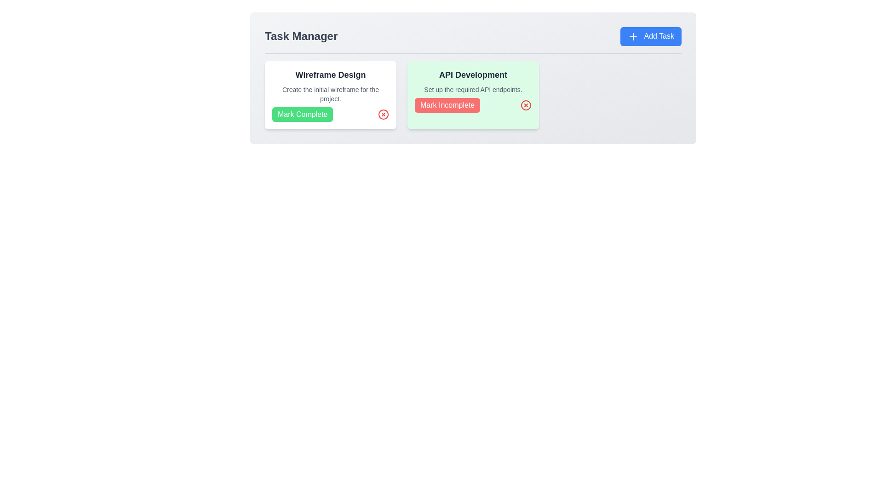 This screenshot has width=883, height=497. What do you see at coordinates (331, 113) in the screenshot?
I see `the green rectangular button labeled 'Mark Complete' to change its background color` at bounding box center [331, 113].